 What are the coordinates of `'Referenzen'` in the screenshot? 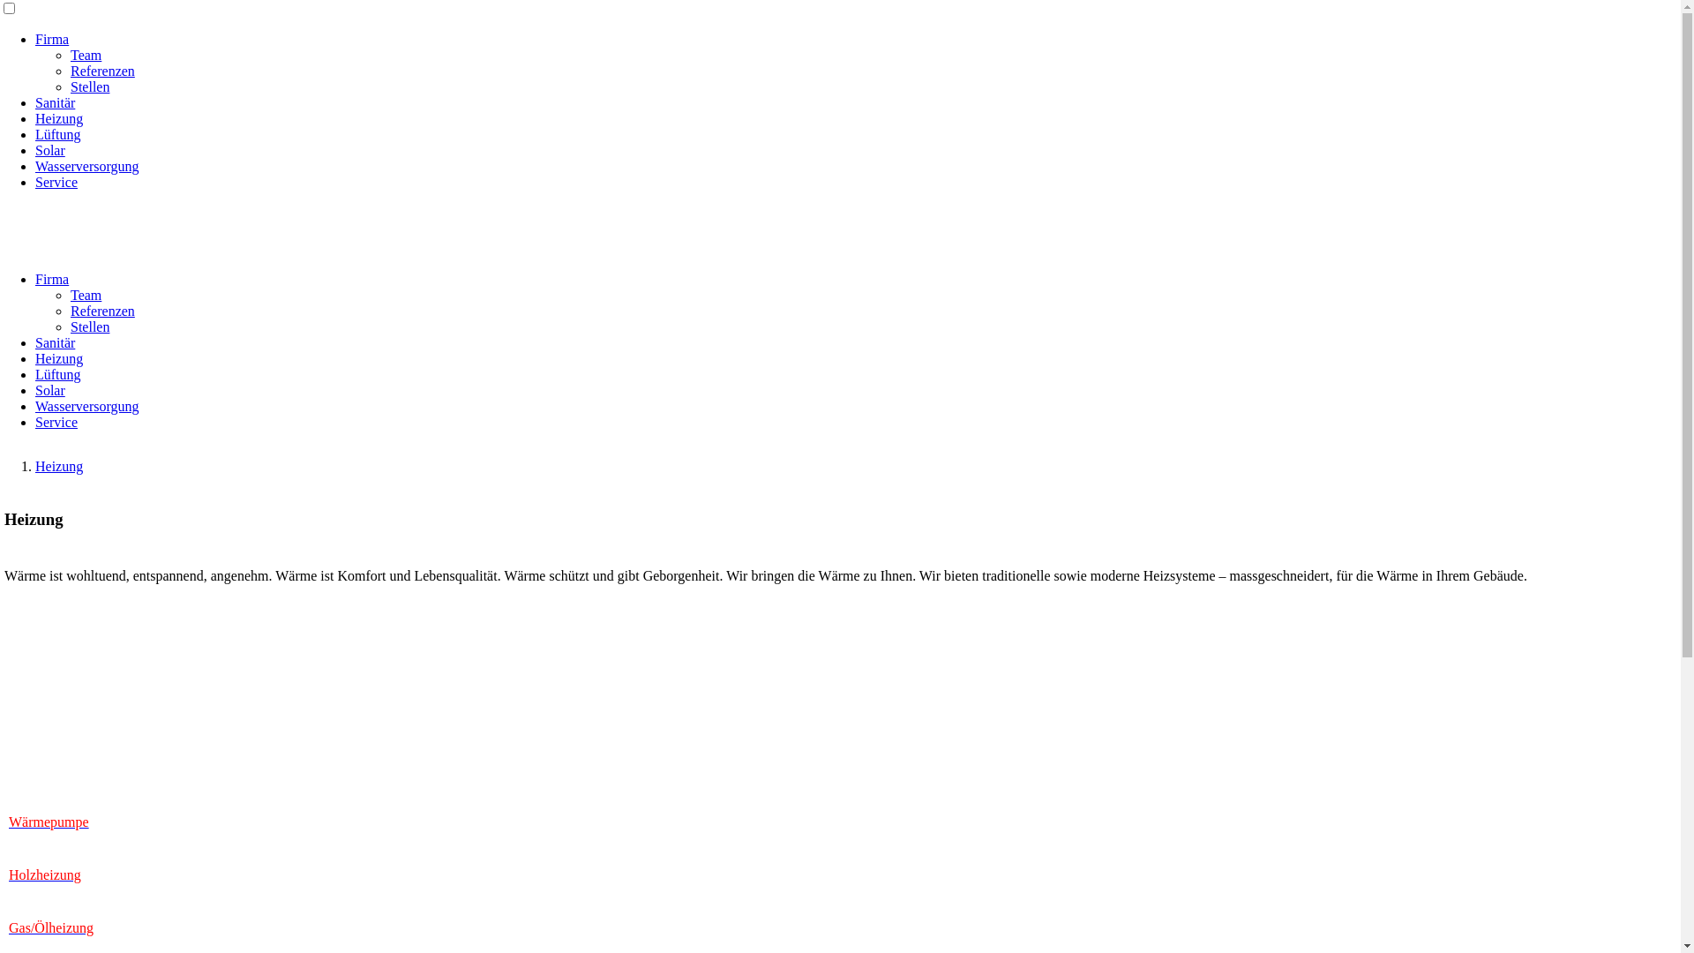 It's located at (101, 70).